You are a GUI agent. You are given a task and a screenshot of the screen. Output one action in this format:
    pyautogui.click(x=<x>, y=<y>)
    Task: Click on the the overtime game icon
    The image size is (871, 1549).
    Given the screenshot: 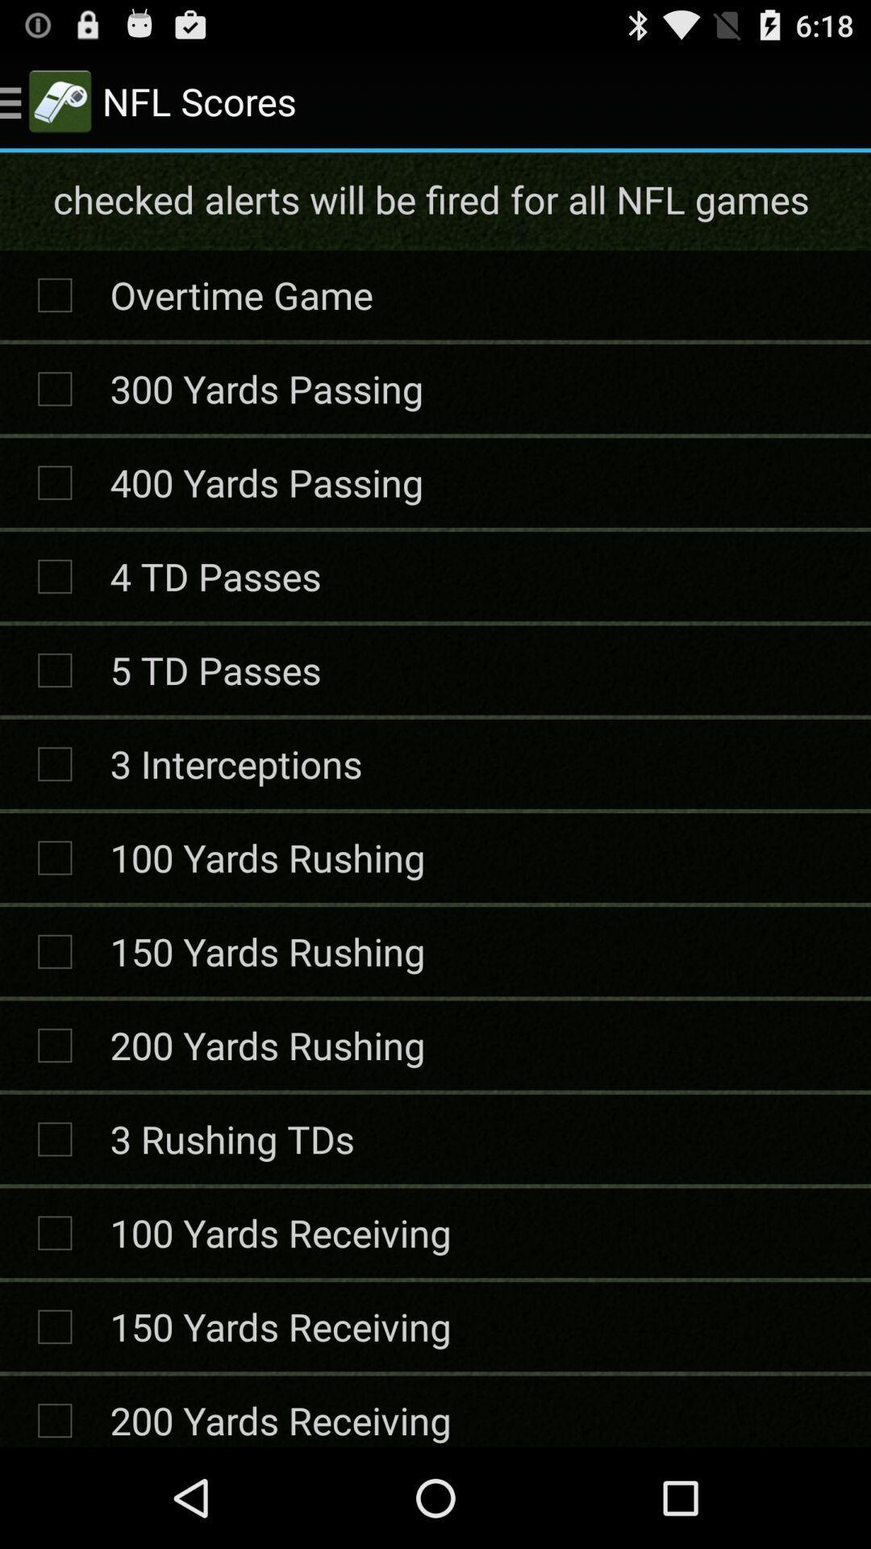 What is the action you would take?
    pyautogui.click(x=241, y=294)
    